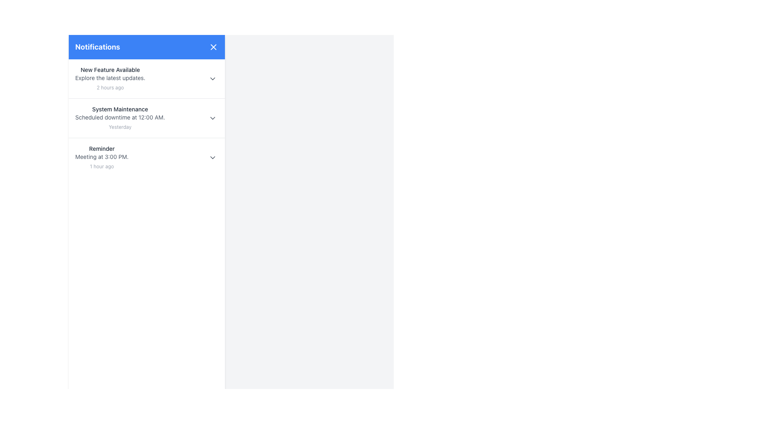  What do you see at coordinates (213, 118) in the screenshot?
I see `the button/icon that expands or collapses additional details for the 'System Maintenance' notification entry` at bounding box center [213, 118].